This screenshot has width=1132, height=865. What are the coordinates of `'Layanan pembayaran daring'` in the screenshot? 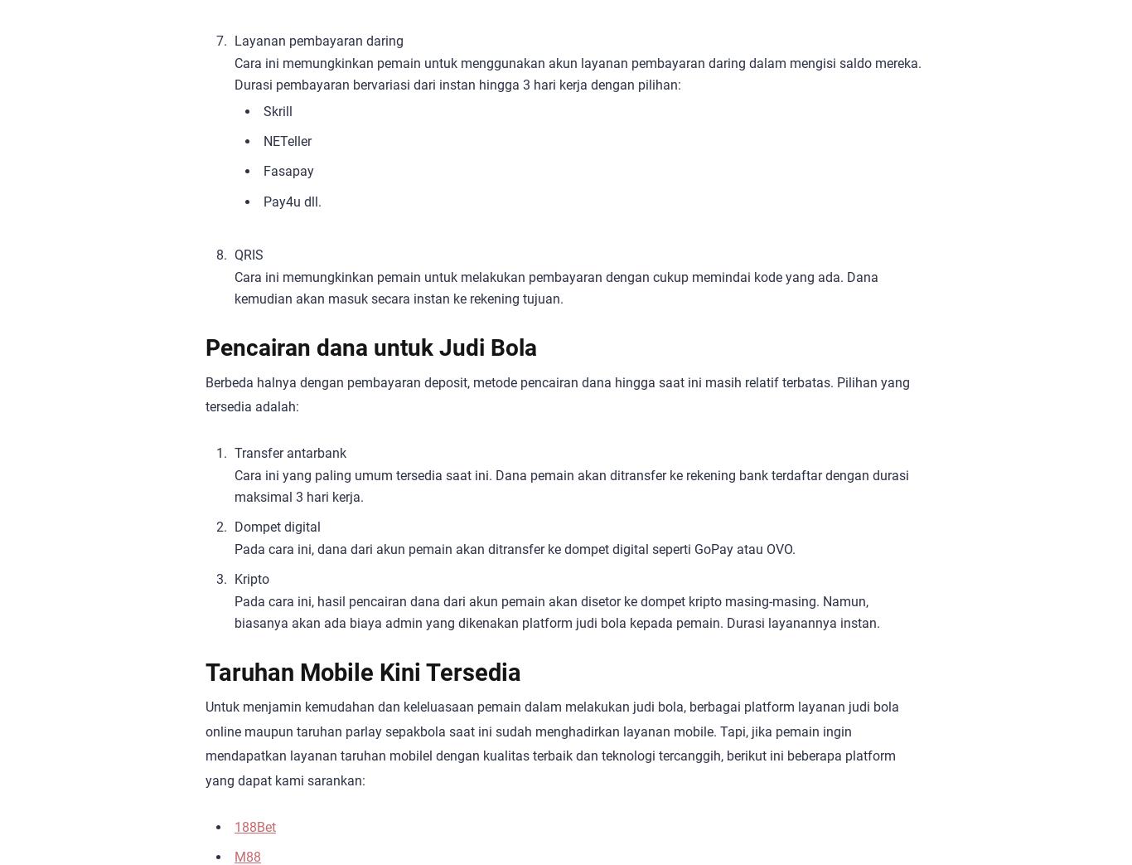 It's located at (317, 40).